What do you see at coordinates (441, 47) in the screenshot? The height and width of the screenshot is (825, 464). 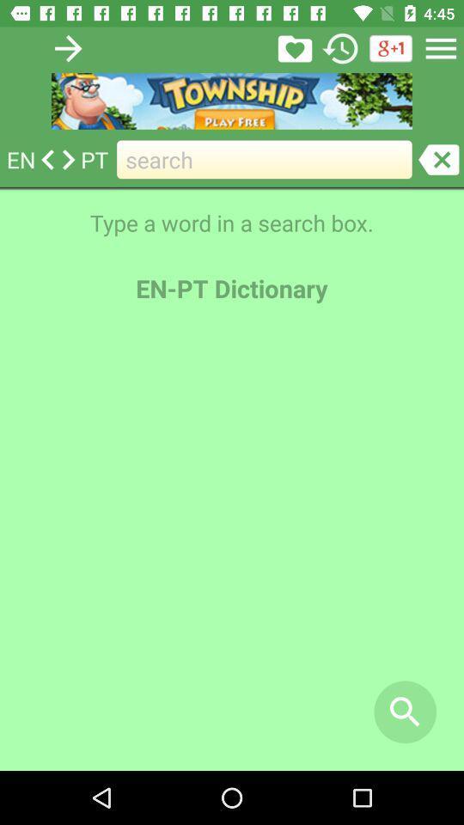 I see `options menu` at bounding box center [441, 47].